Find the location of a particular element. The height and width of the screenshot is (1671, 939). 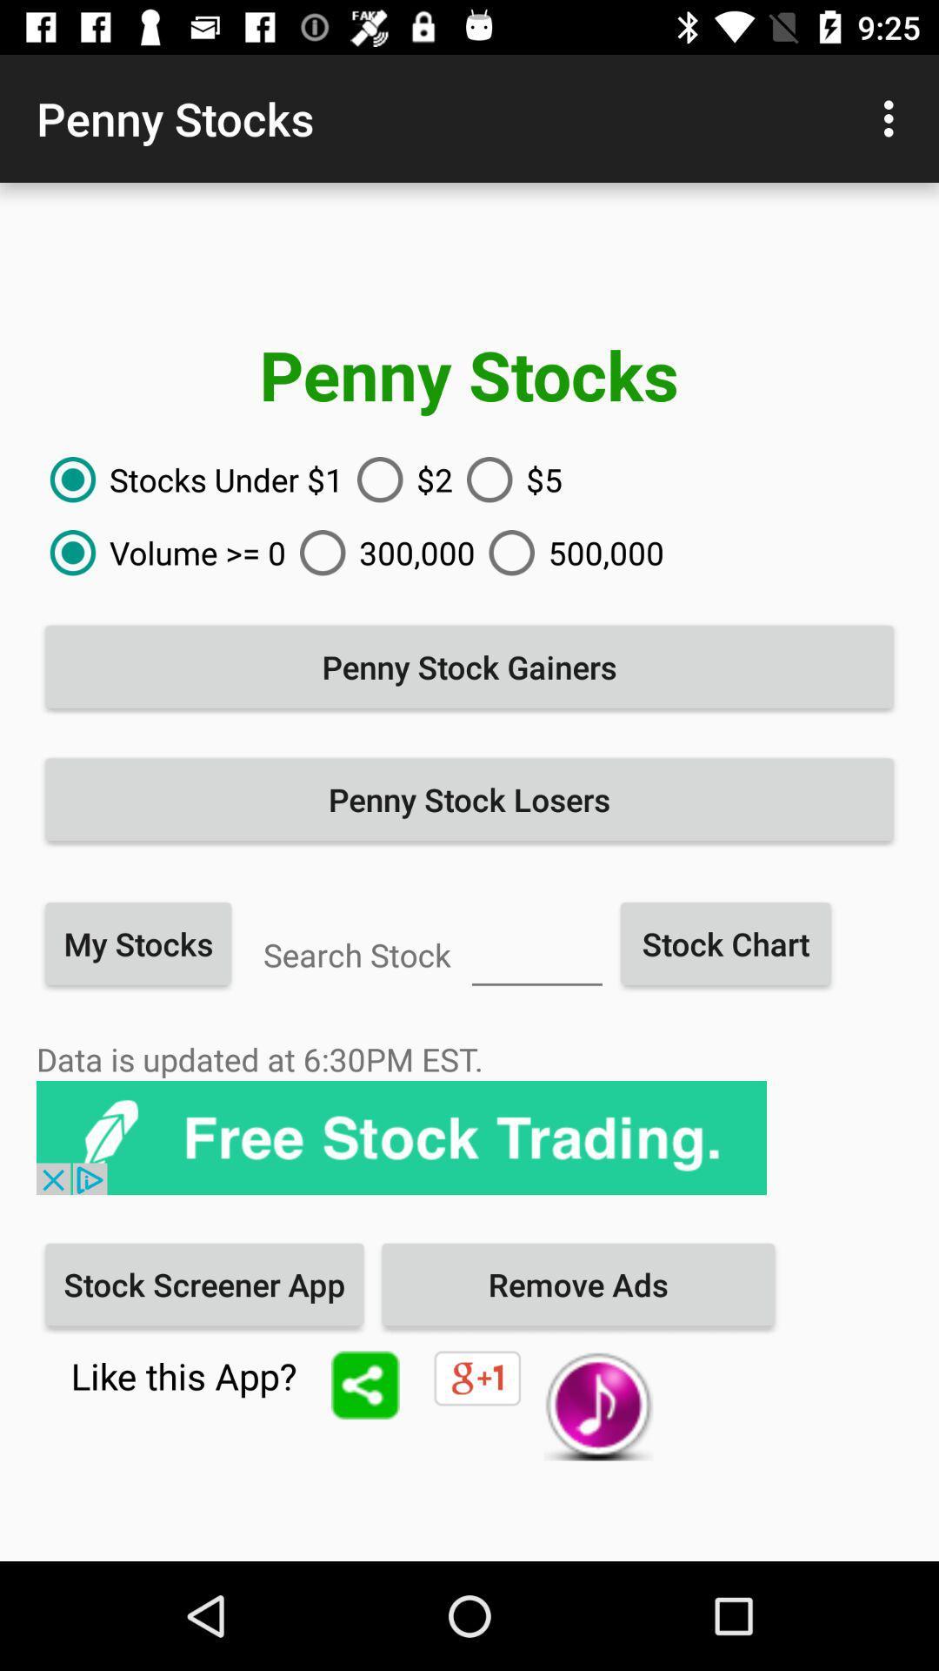

the icon below penny stocks is located at coordinates (508, 480).